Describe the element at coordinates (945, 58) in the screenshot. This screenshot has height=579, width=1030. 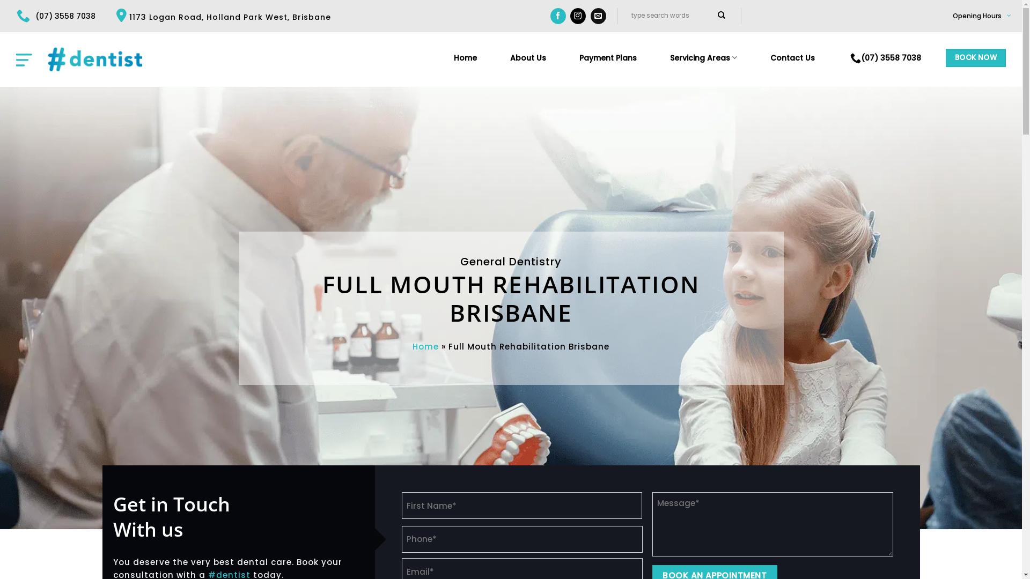
I see `'BOOK NOW'` at that location.